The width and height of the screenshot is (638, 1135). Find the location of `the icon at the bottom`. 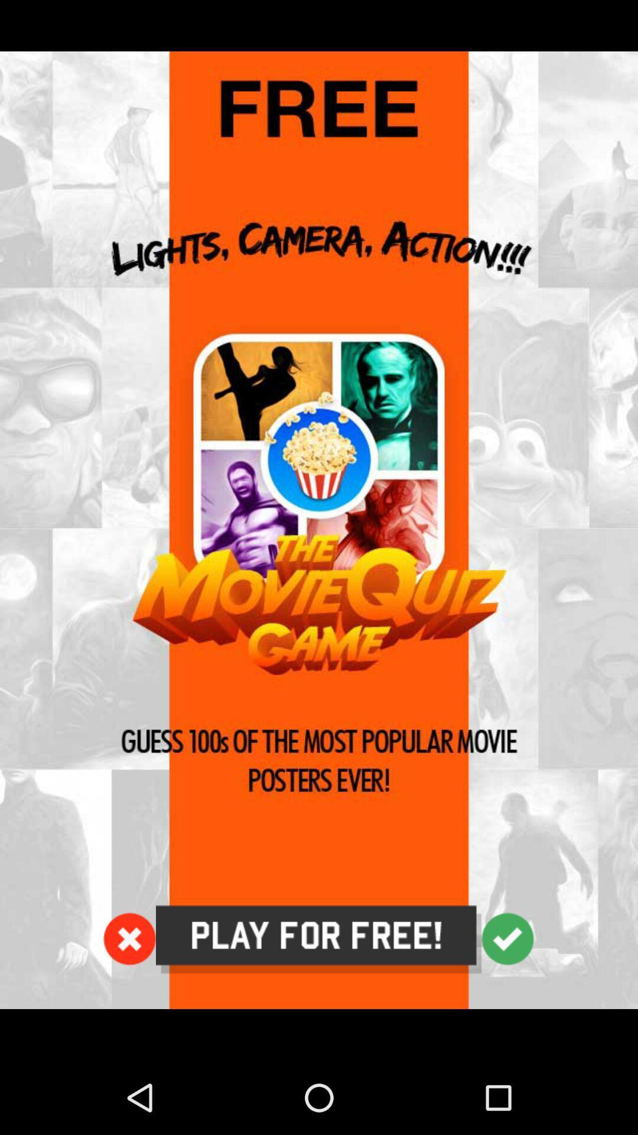

the icon at the bottom is located at coordinates (318, 939).